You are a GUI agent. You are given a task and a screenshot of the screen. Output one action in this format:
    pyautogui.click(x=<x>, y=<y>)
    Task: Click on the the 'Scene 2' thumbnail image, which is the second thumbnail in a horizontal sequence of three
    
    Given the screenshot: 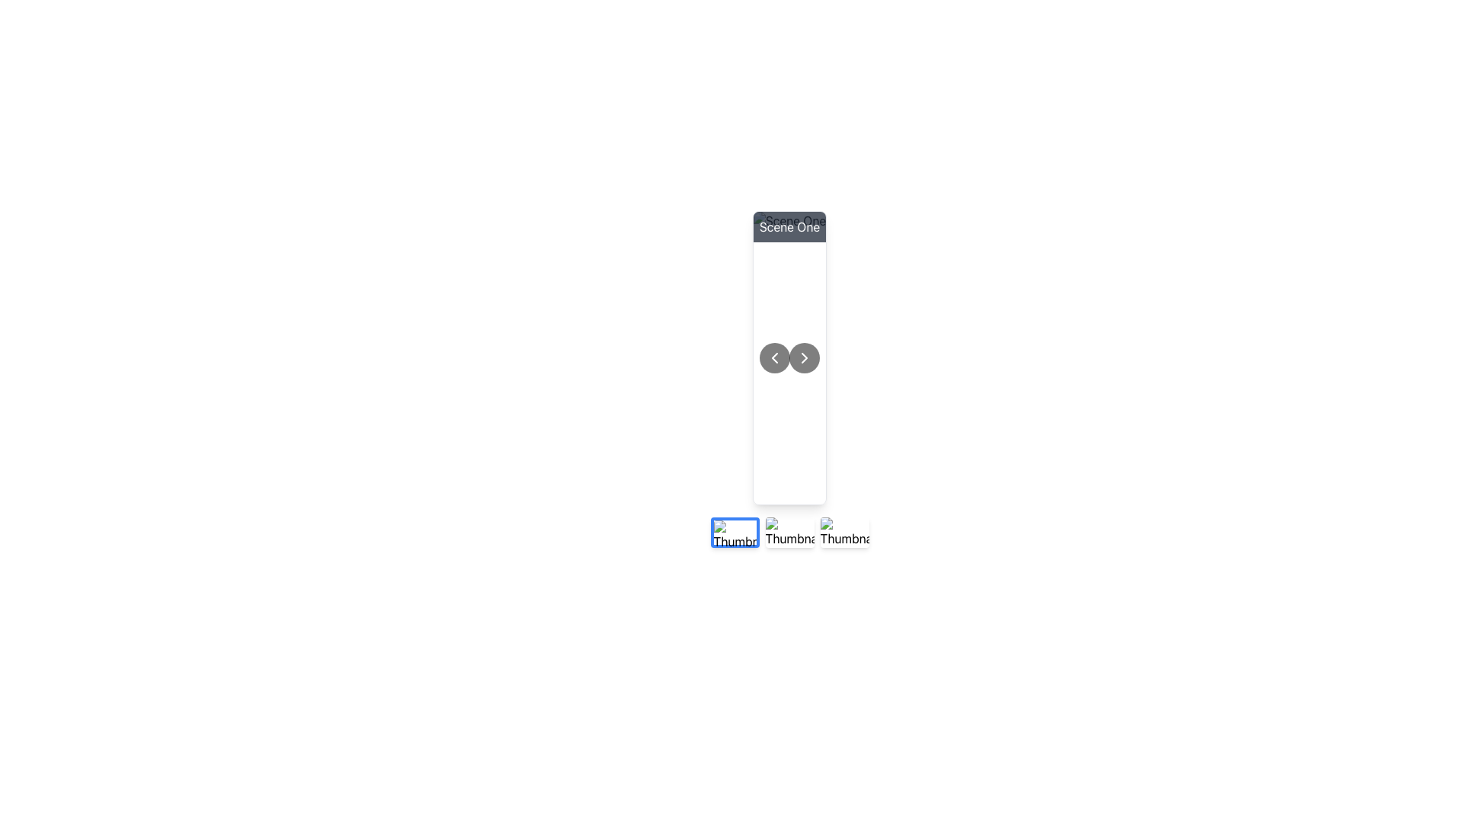 What is the action you would take?
    pyautogui.click(x=789, y=531)
    